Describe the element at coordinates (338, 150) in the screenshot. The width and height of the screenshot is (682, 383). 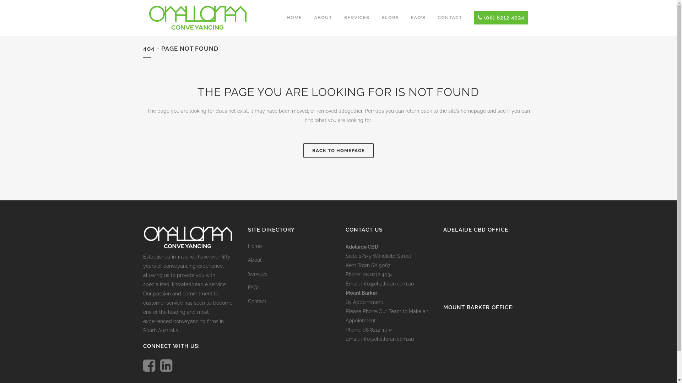
I see `'BACK TO HOMEPAGE'` at that location.